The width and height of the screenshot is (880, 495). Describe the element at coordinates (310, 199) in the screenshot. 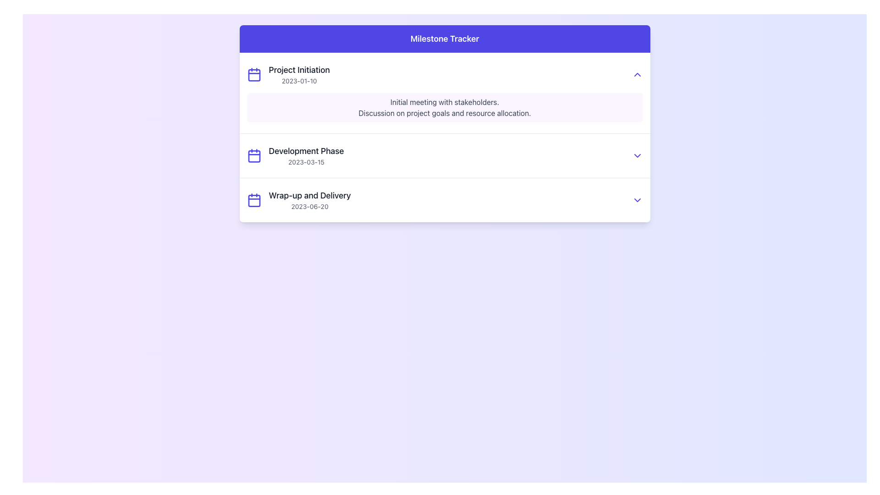

I see `text content of the milestone entry in the tracker interface, which is the third item under the 'Milestone Tracker' header, positioned below 'Development Phase'` at that location.